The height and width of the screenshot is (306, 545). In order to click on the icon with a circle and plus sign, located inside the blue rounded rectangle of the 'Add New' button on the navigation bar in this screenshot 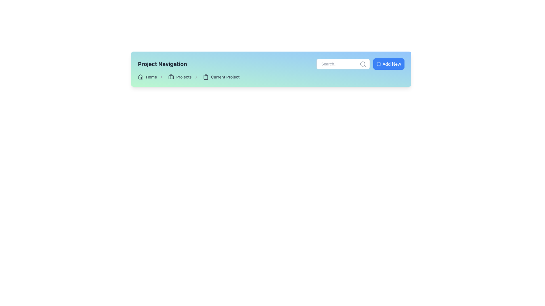, I will do `click(379, 64)`.